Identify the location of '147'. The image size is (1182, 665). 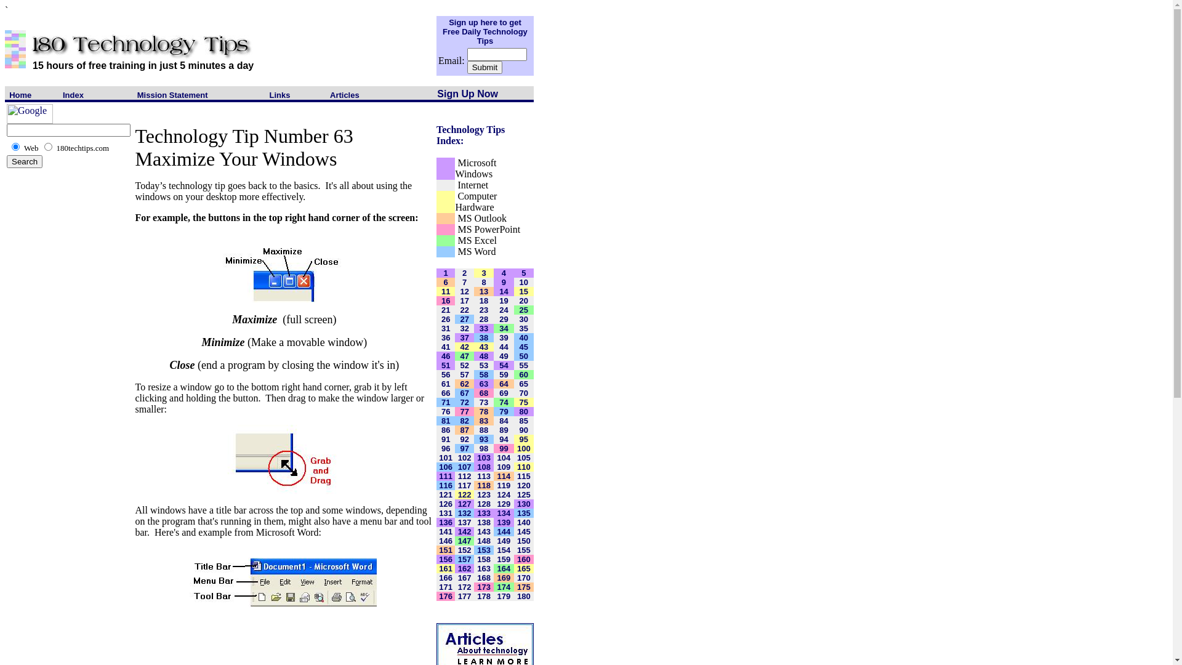
(464, 539).